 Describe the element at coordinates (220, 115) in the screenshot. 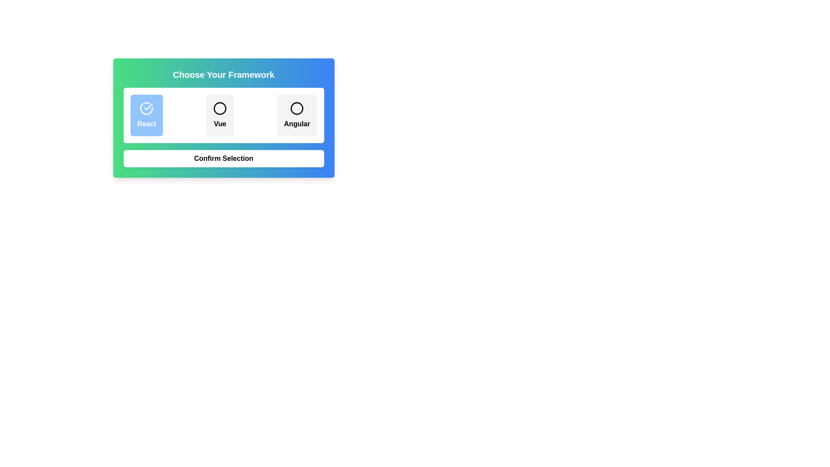

I see `the central button labeled 'Vue' with a rounded rectangular shape and a light gray background` at that location.